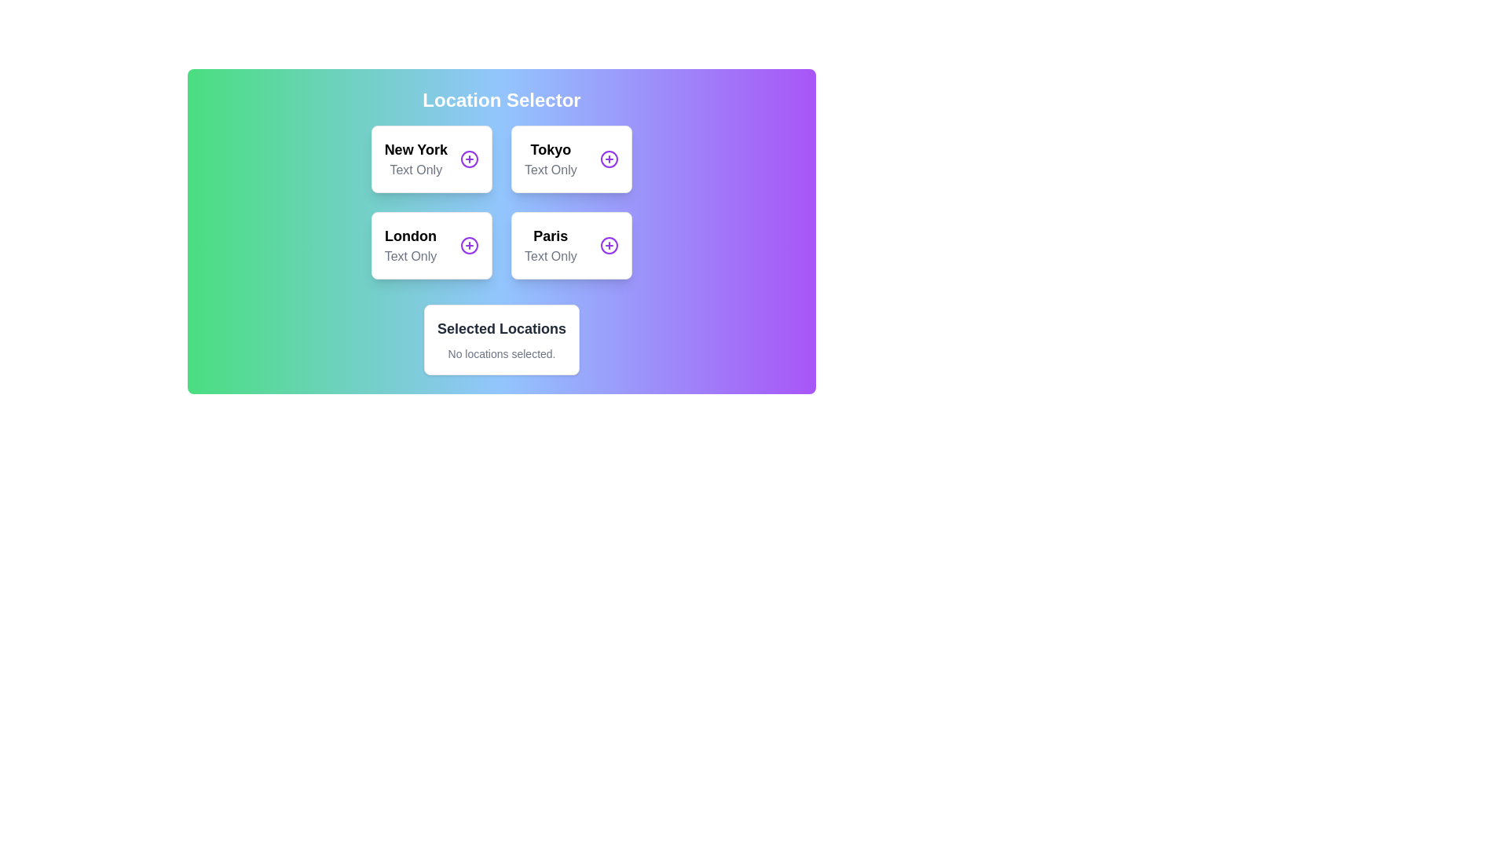 This screenshot has width=1508, height=848. Describe the element at coordinates (469, 245) in the screenshot. I see `the circular plus icon associated with the 'London' option, which is centrally positioned within its button in the grid layout` at that location.